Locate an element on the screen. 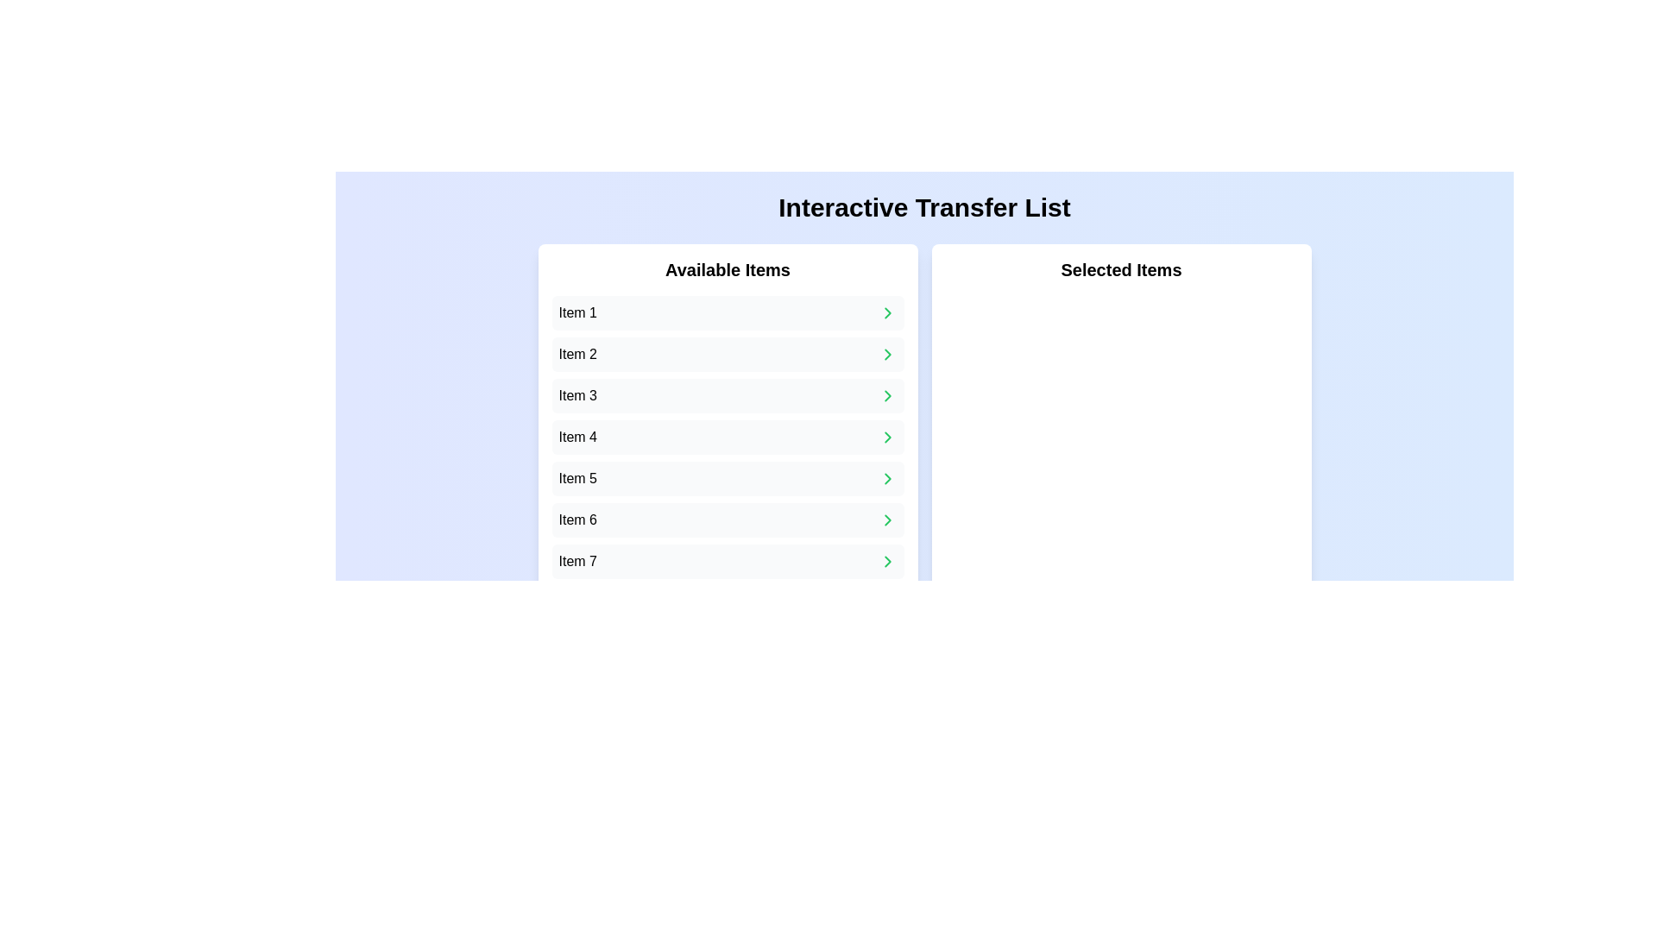  the list item labeled 'Item 6' from the 'Available Items' section is located at coordinates (728, 519).